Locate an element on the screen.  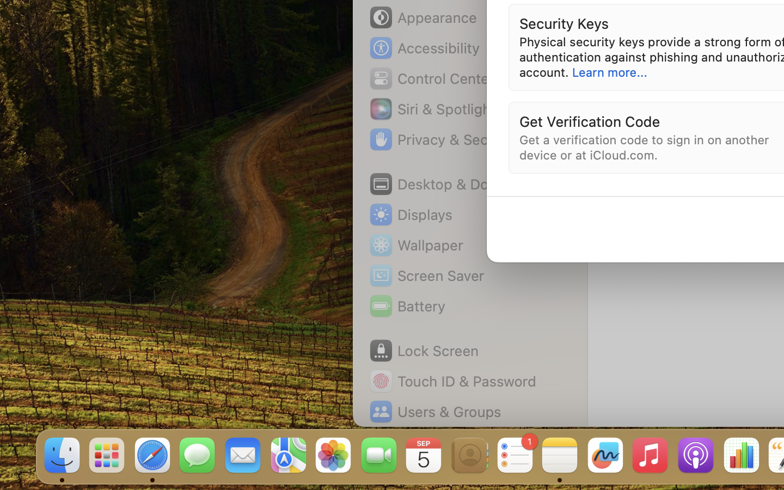
'Accessibility' is located at coordinates (424, 47).